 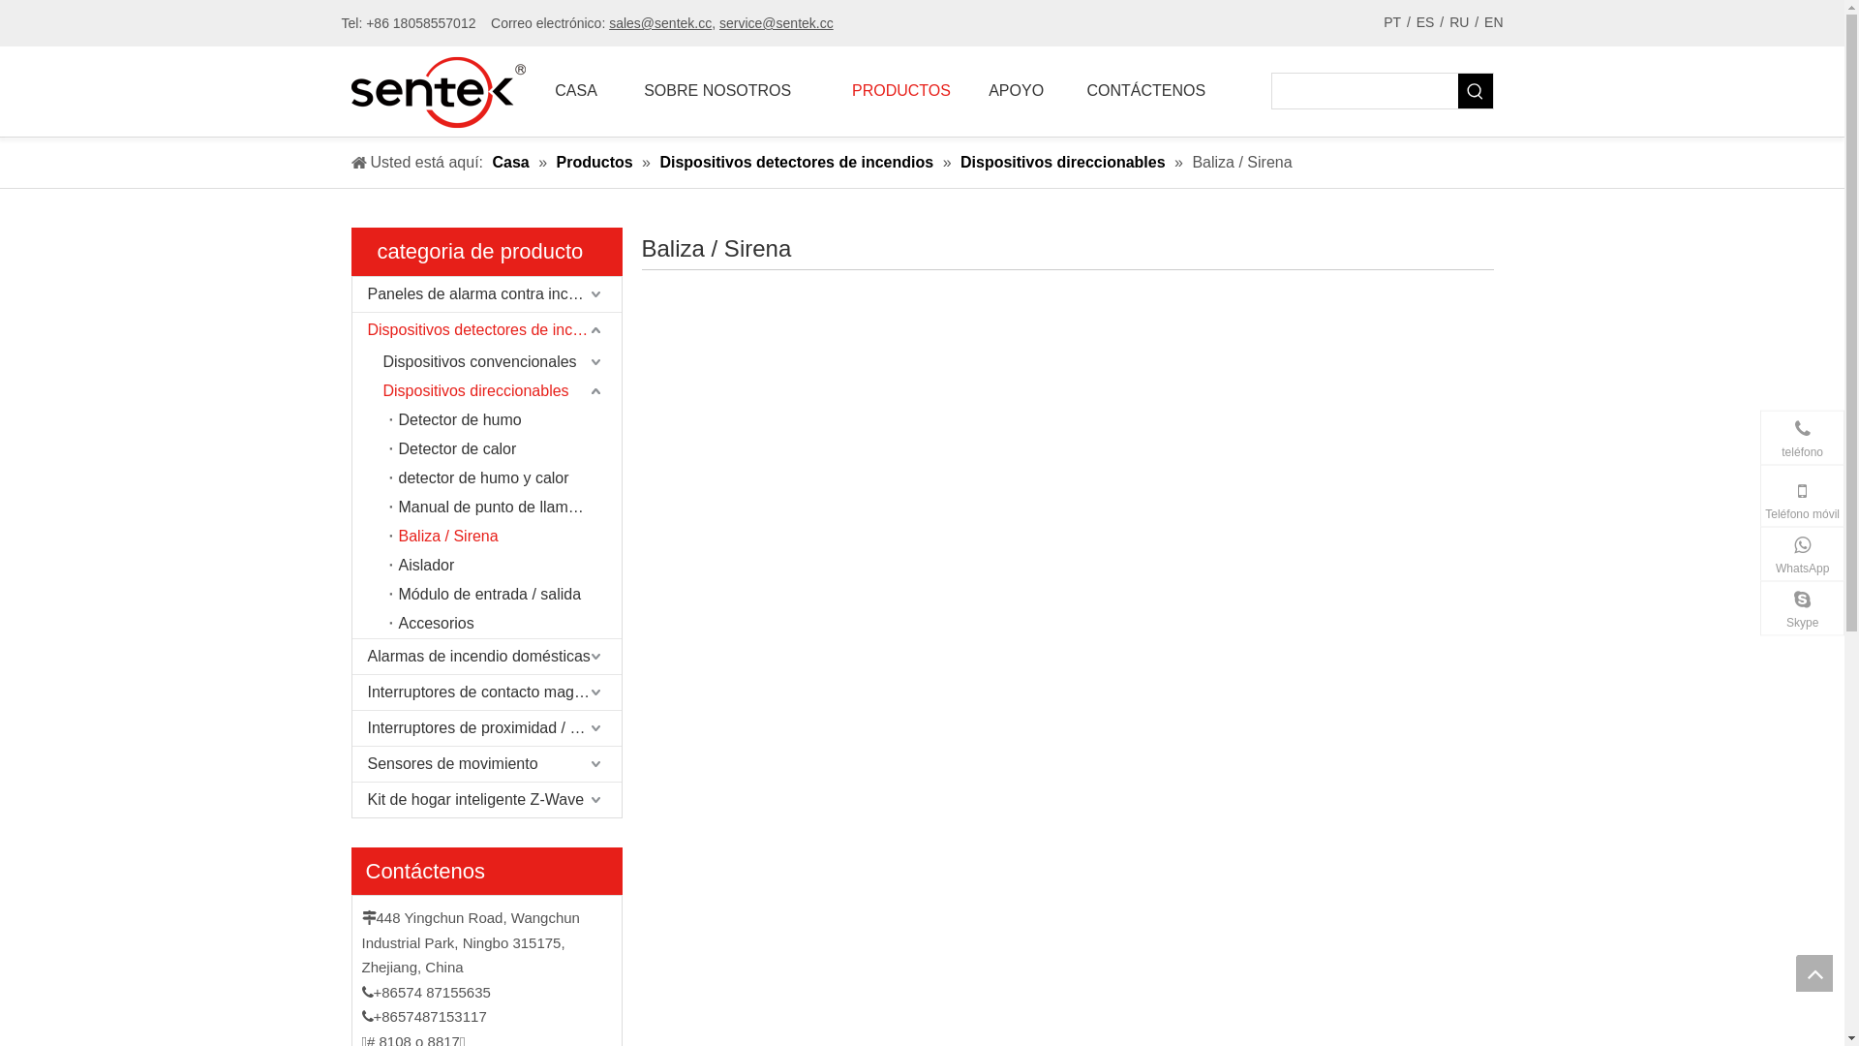 What do you see at coordinates (574, 90) in the screenshot?
I see `'CASA'` at bounding box center [574, 90].